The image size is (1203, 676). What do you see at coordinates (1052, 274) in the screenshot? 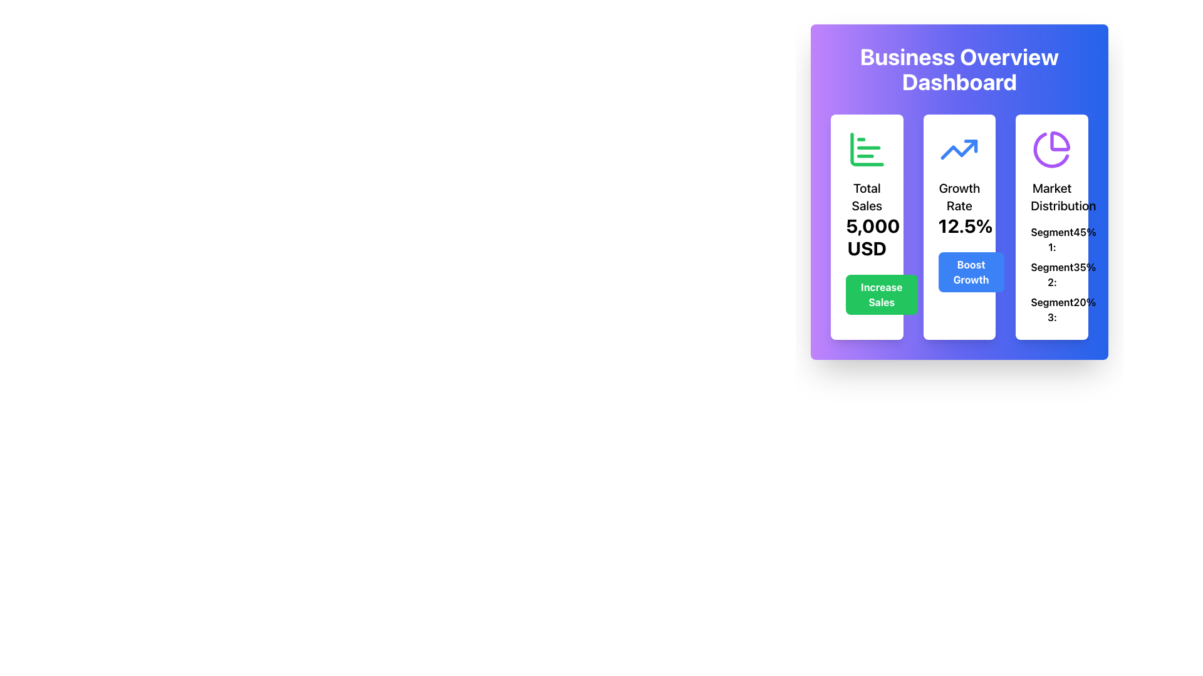
I see `the text display showing the distribution of a dataset into three segments under the 'Market Distribution' section of the dashboard` at bounding box center [1052, 274].